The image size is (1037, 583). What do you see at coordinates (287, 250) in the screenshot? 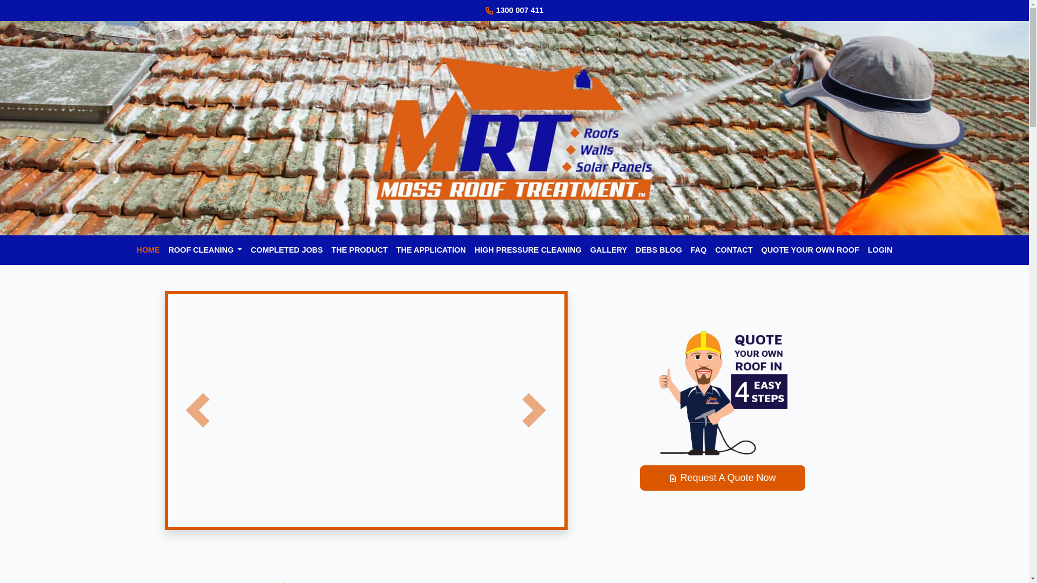
I see `'COMPLETED JOBS'` at bounding box center [287, 250].